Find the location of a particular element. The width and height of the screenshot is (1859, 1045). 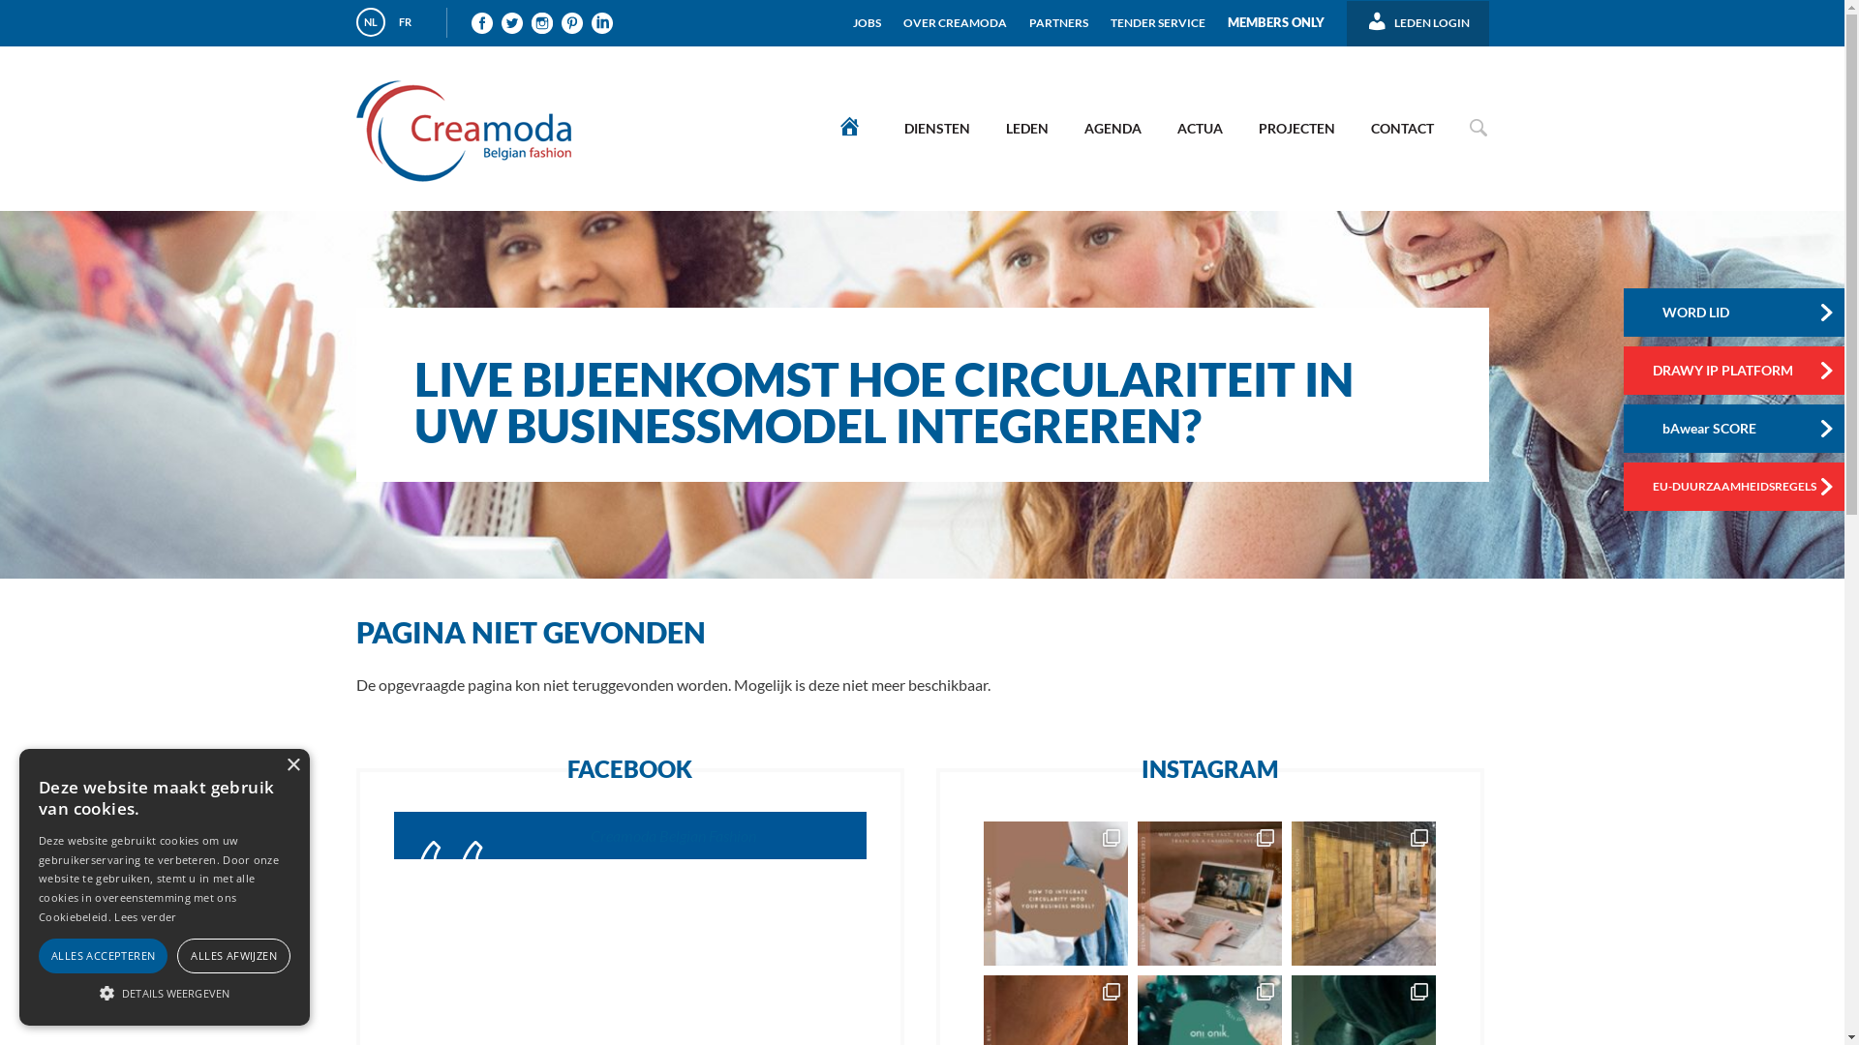

'LEDEN' is located at coordinates (1025, 128).